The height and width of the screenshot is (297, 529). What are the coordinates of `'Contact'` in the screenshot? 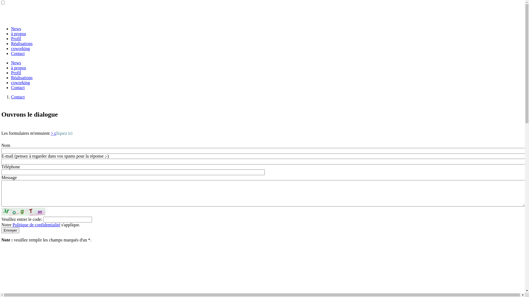 It's located at (11, 53).